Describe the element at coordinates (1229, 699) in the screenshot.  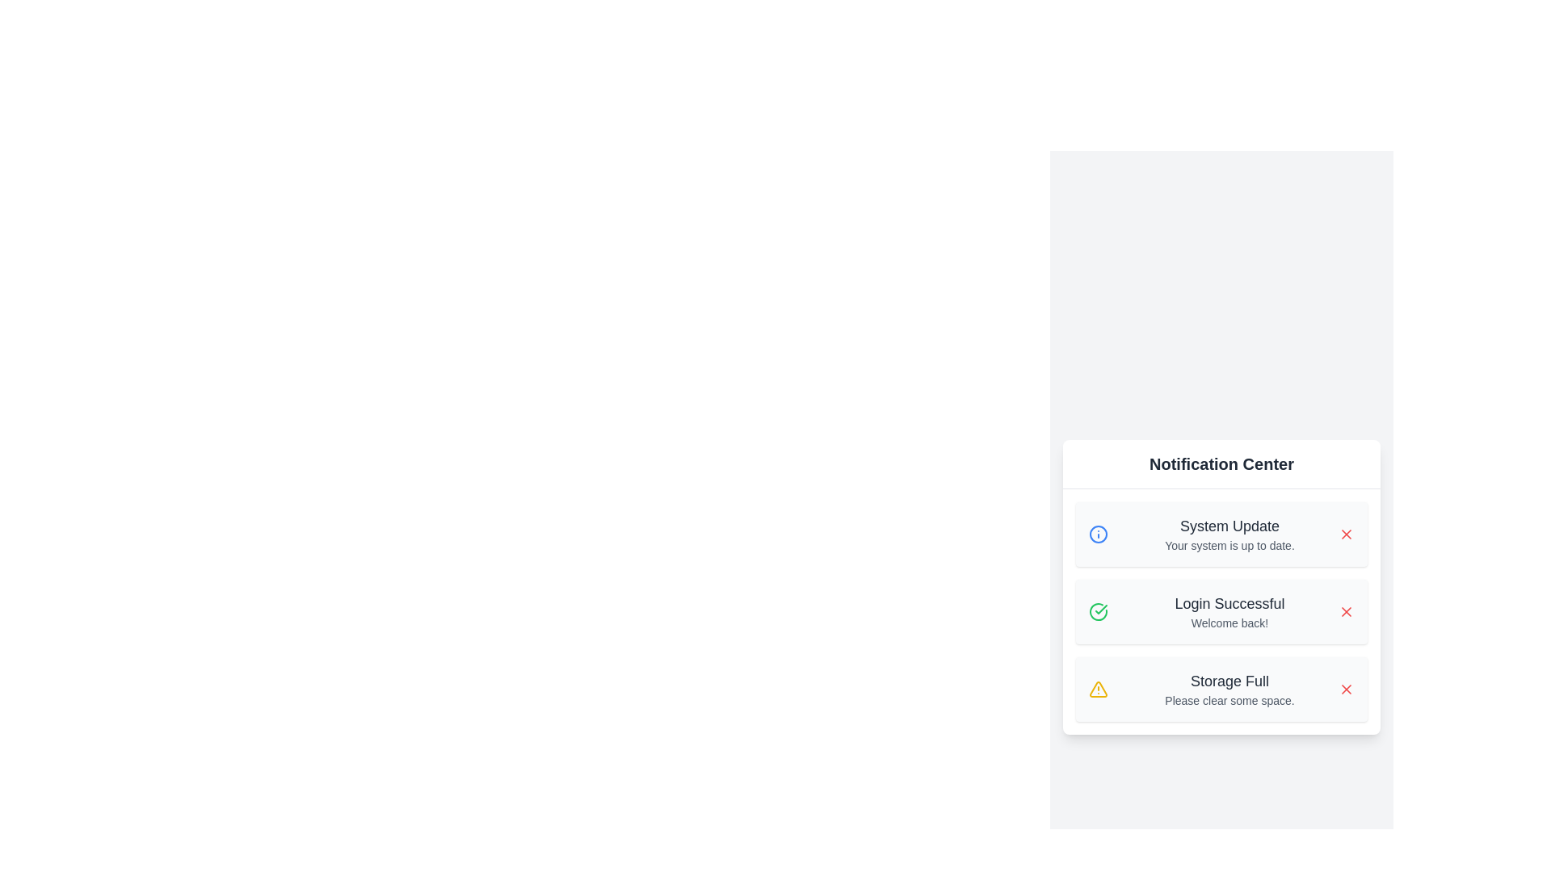
I see `supplementary information provided in the Text Label located below the 'Storage Full' notification in the Notification Center` at that location.